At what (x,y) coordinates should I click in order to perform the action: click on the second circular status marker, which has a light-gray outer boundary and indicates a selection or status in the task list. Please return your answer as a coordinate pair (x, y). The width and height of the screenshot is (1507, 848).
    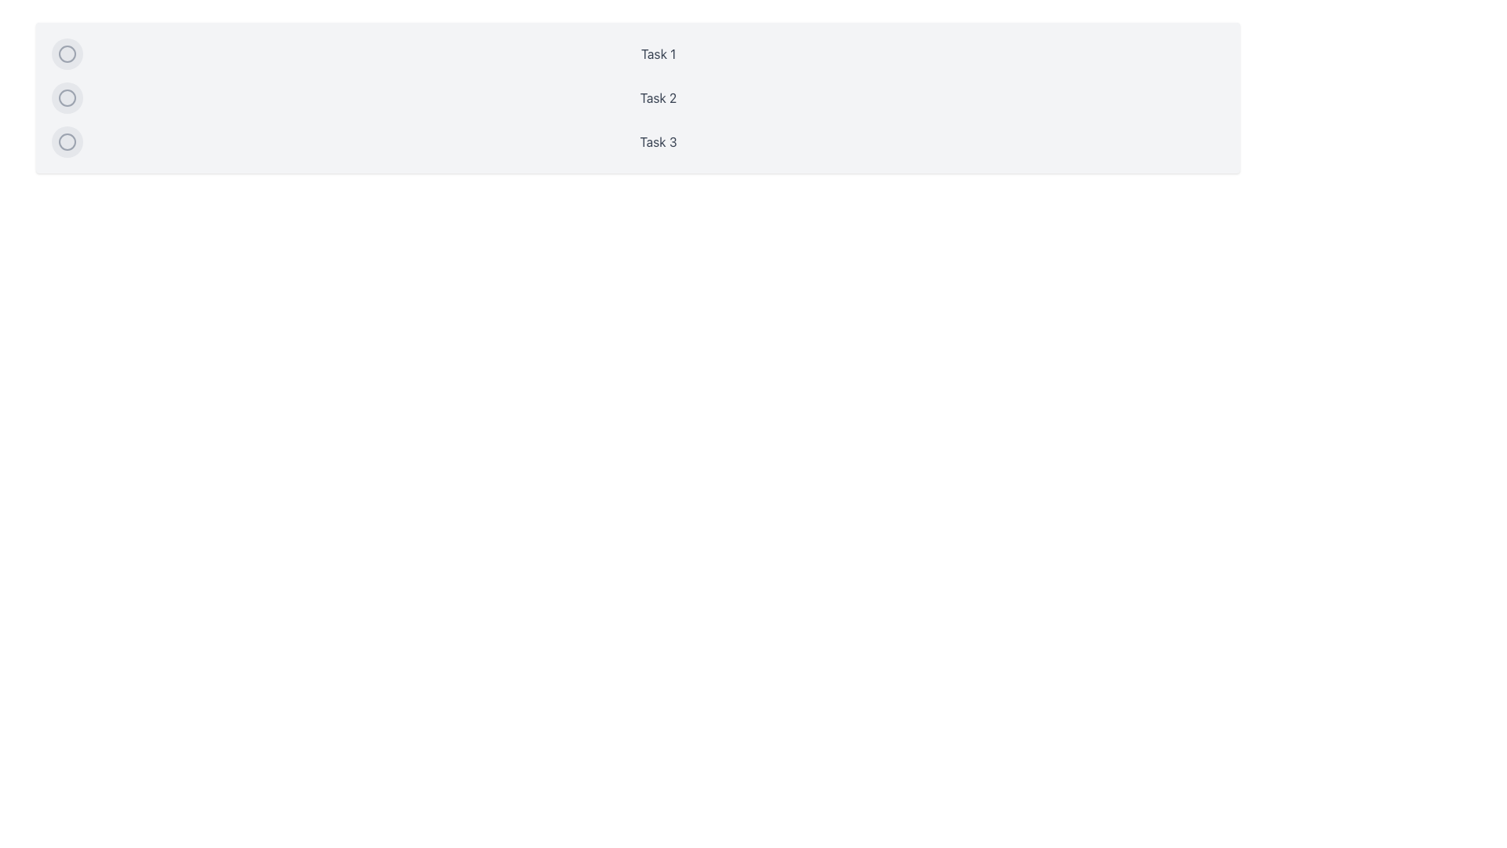
    Looking at the image, I should click on (67, 97).